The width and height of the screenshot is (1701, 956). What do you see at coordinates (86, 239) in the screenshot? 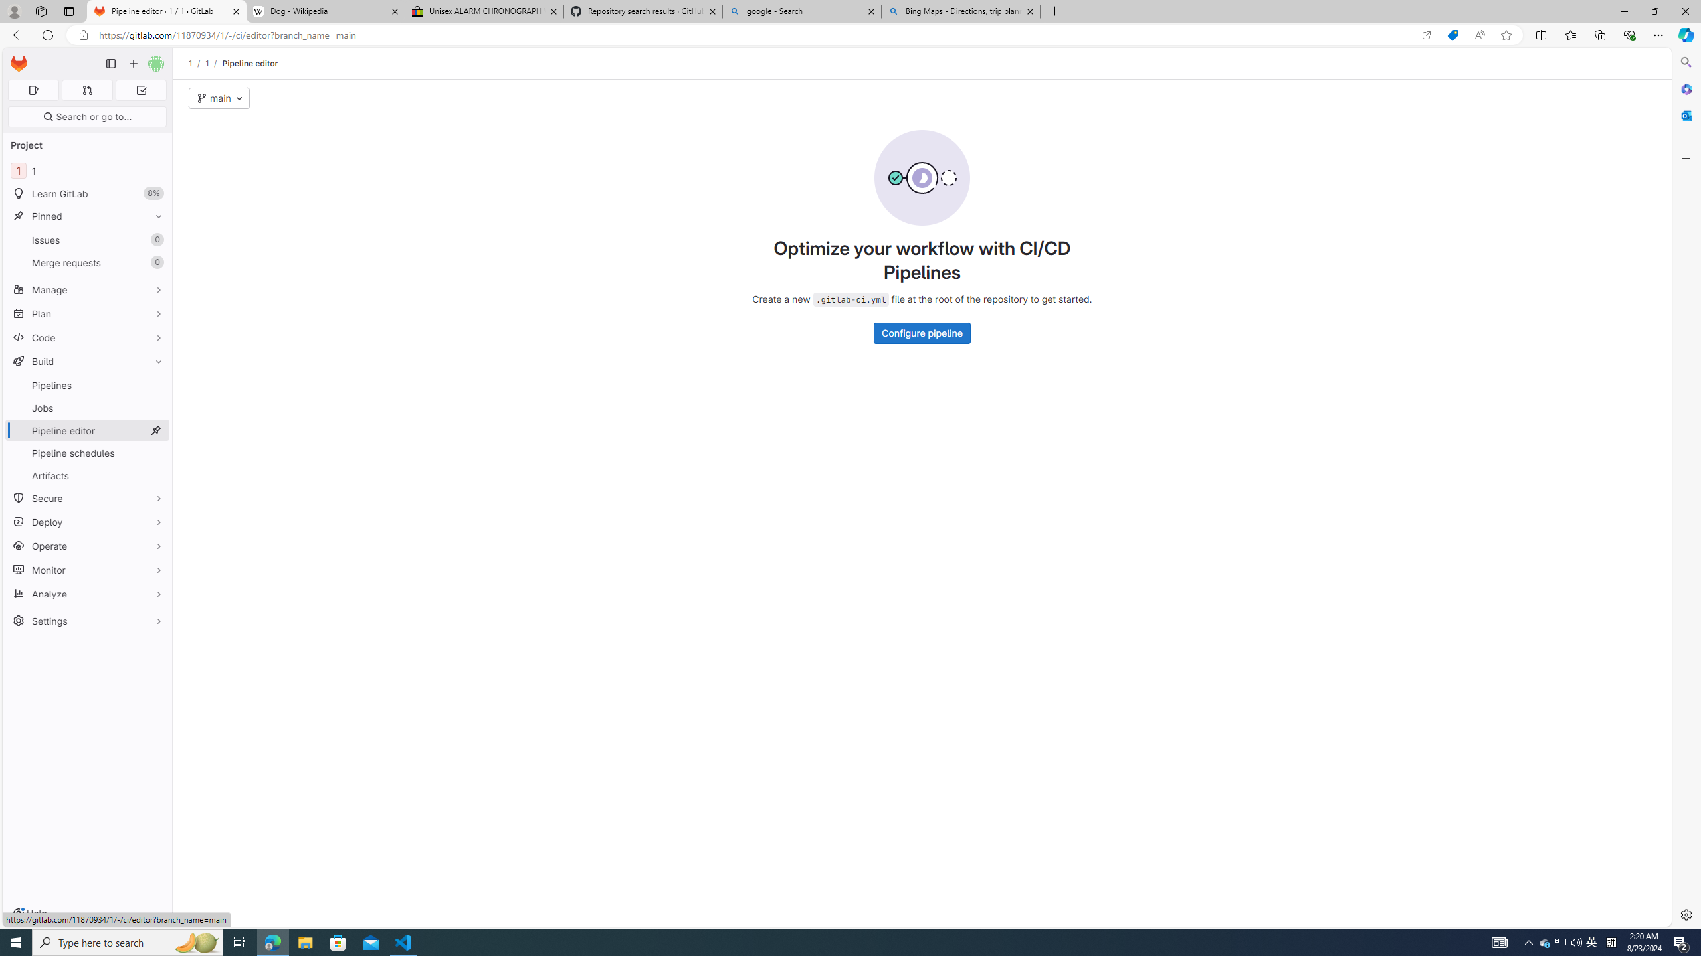
I see `'Issues0'` at bounding box center [86, 239].